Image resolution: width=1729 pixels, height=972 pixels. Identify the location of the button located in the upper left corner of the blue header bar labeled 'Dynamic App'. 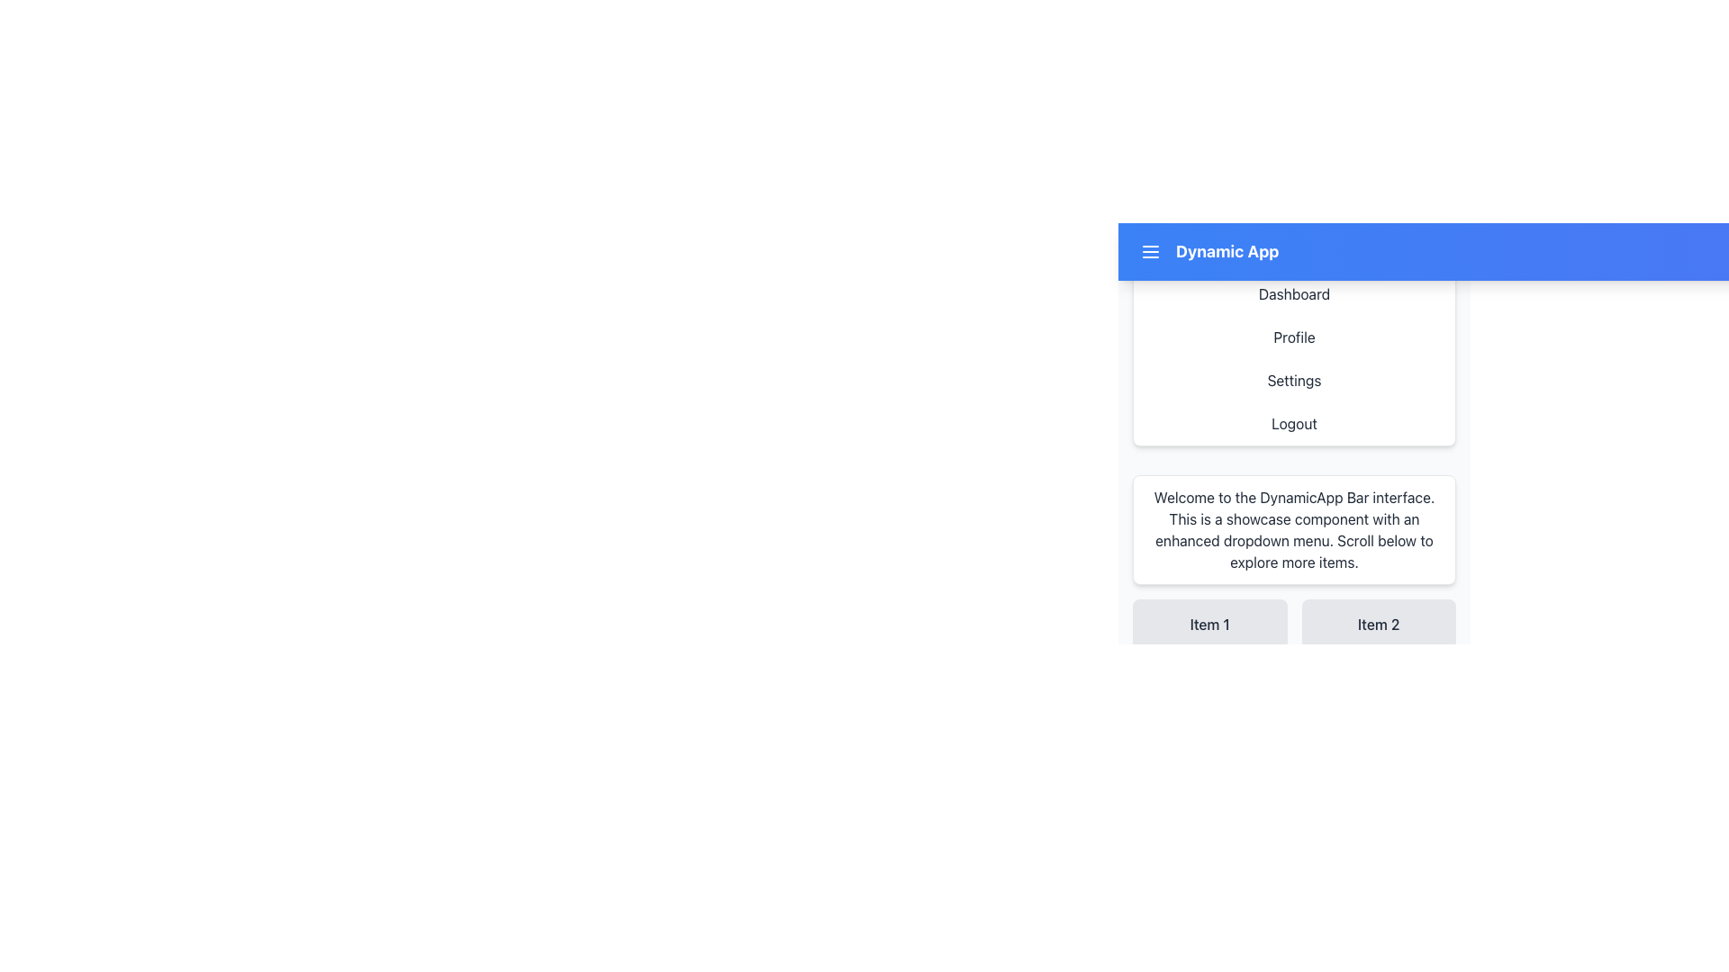
(1149, 252).